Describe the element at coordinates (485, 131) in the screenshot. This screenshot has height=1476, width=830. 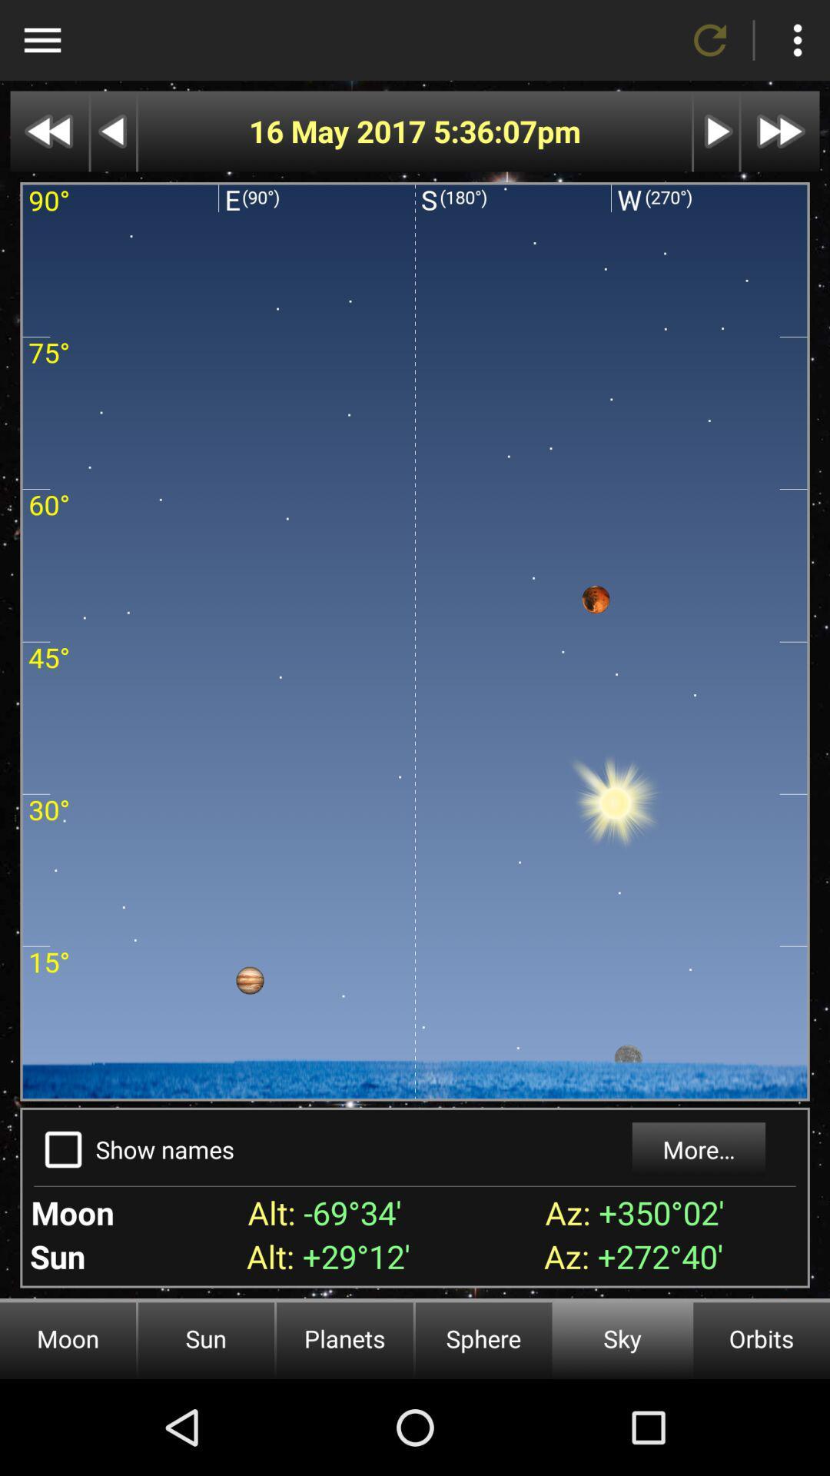
I see `the item next to the 16 may 2017  app` at that location.